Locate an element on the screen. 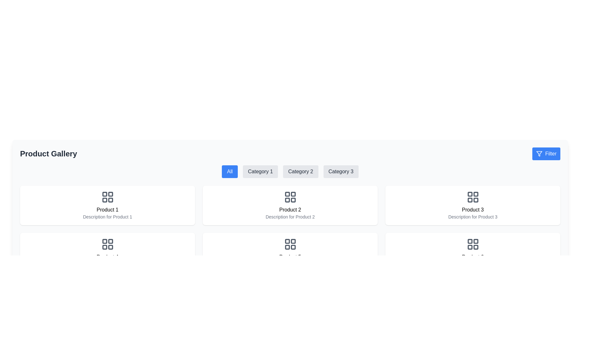  the bottom-right grid cell of the grid layout icon within the 'Product 2' card, which symbolizes layout functionality is located at coordinates (293, 200).